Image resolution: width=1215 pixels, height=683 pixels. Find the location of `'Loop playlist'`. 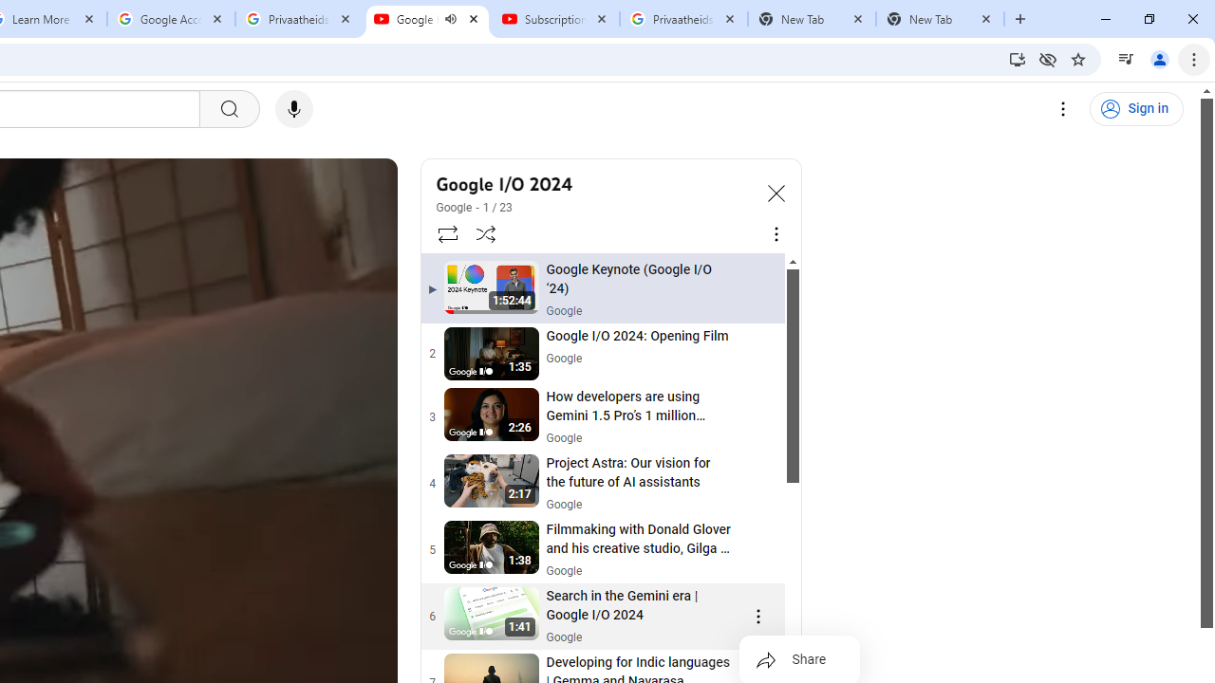

'Loop playlist' is located at coordinates (446, 232).